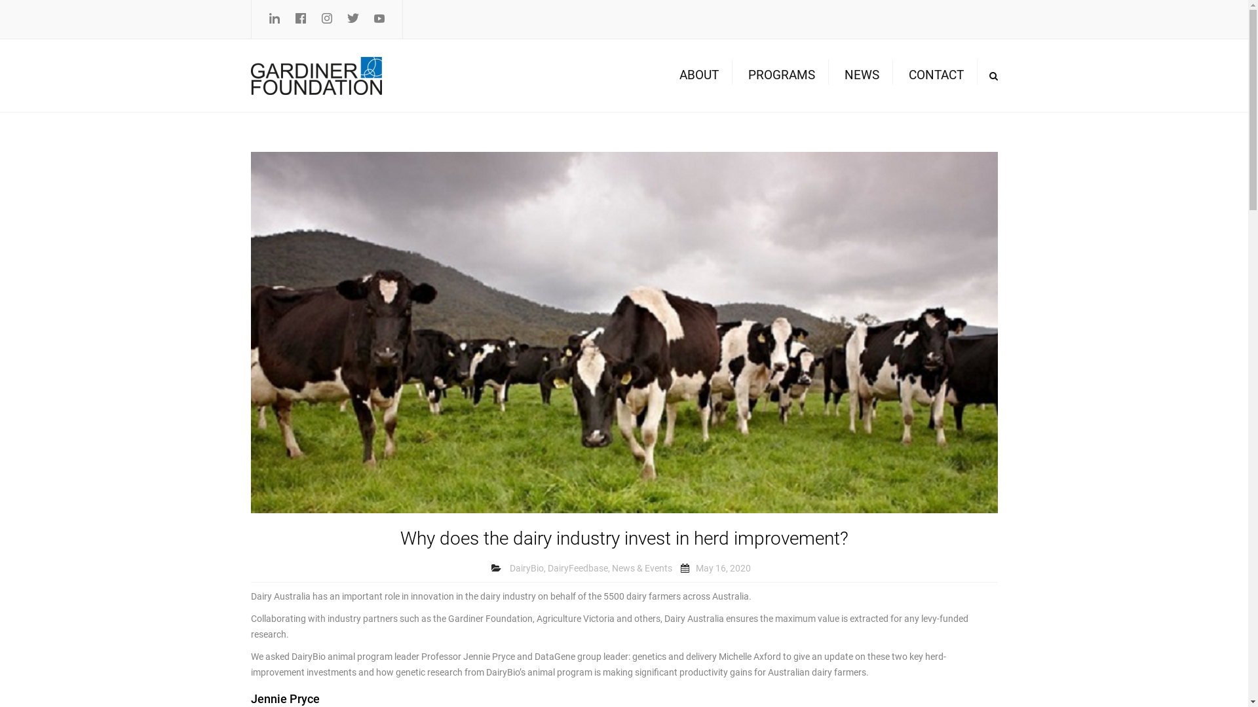 The height and width of the screenshot is (707, 1258). What do you see at coordinates (577, 568) in the screenshot?
I see `'DairyFeedbase'` at bounding box center [577, 568].